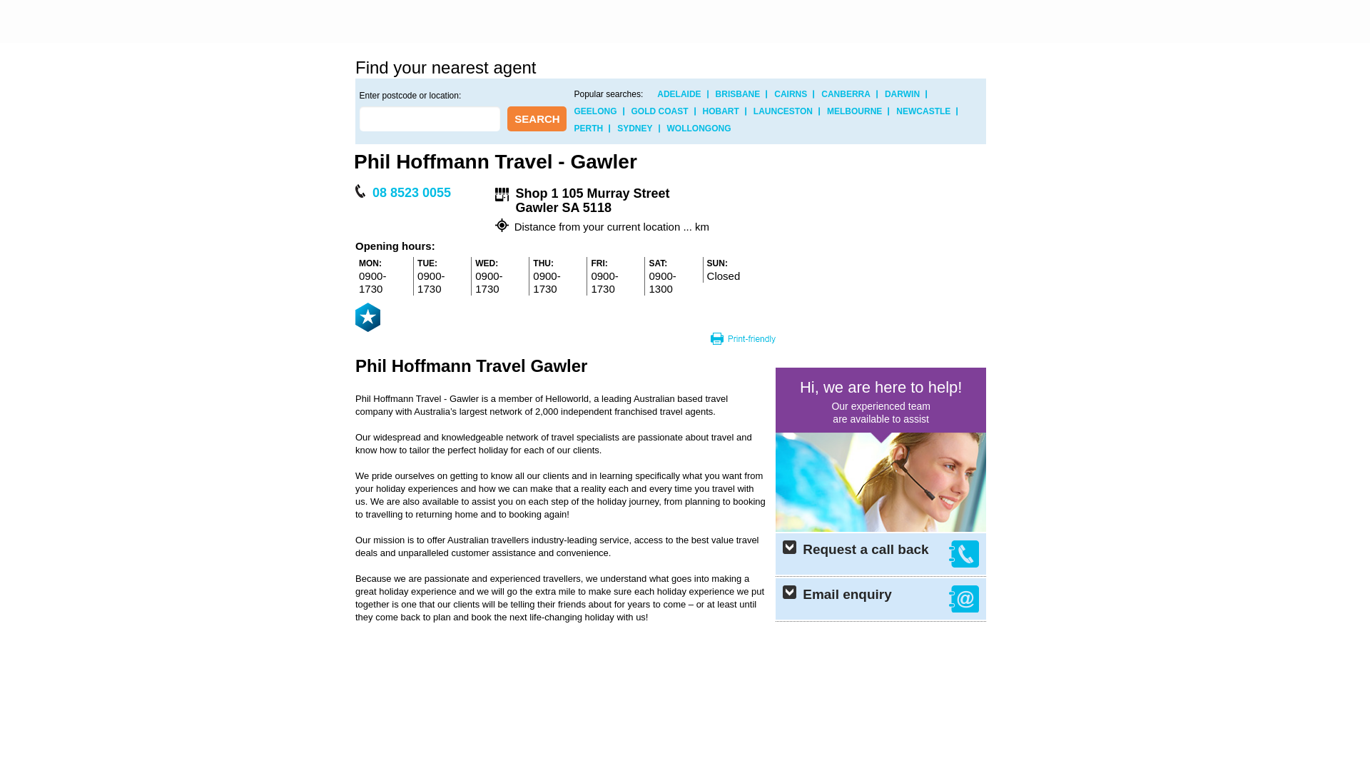  I want to click on 'SYDNEY', so click(616, 128).